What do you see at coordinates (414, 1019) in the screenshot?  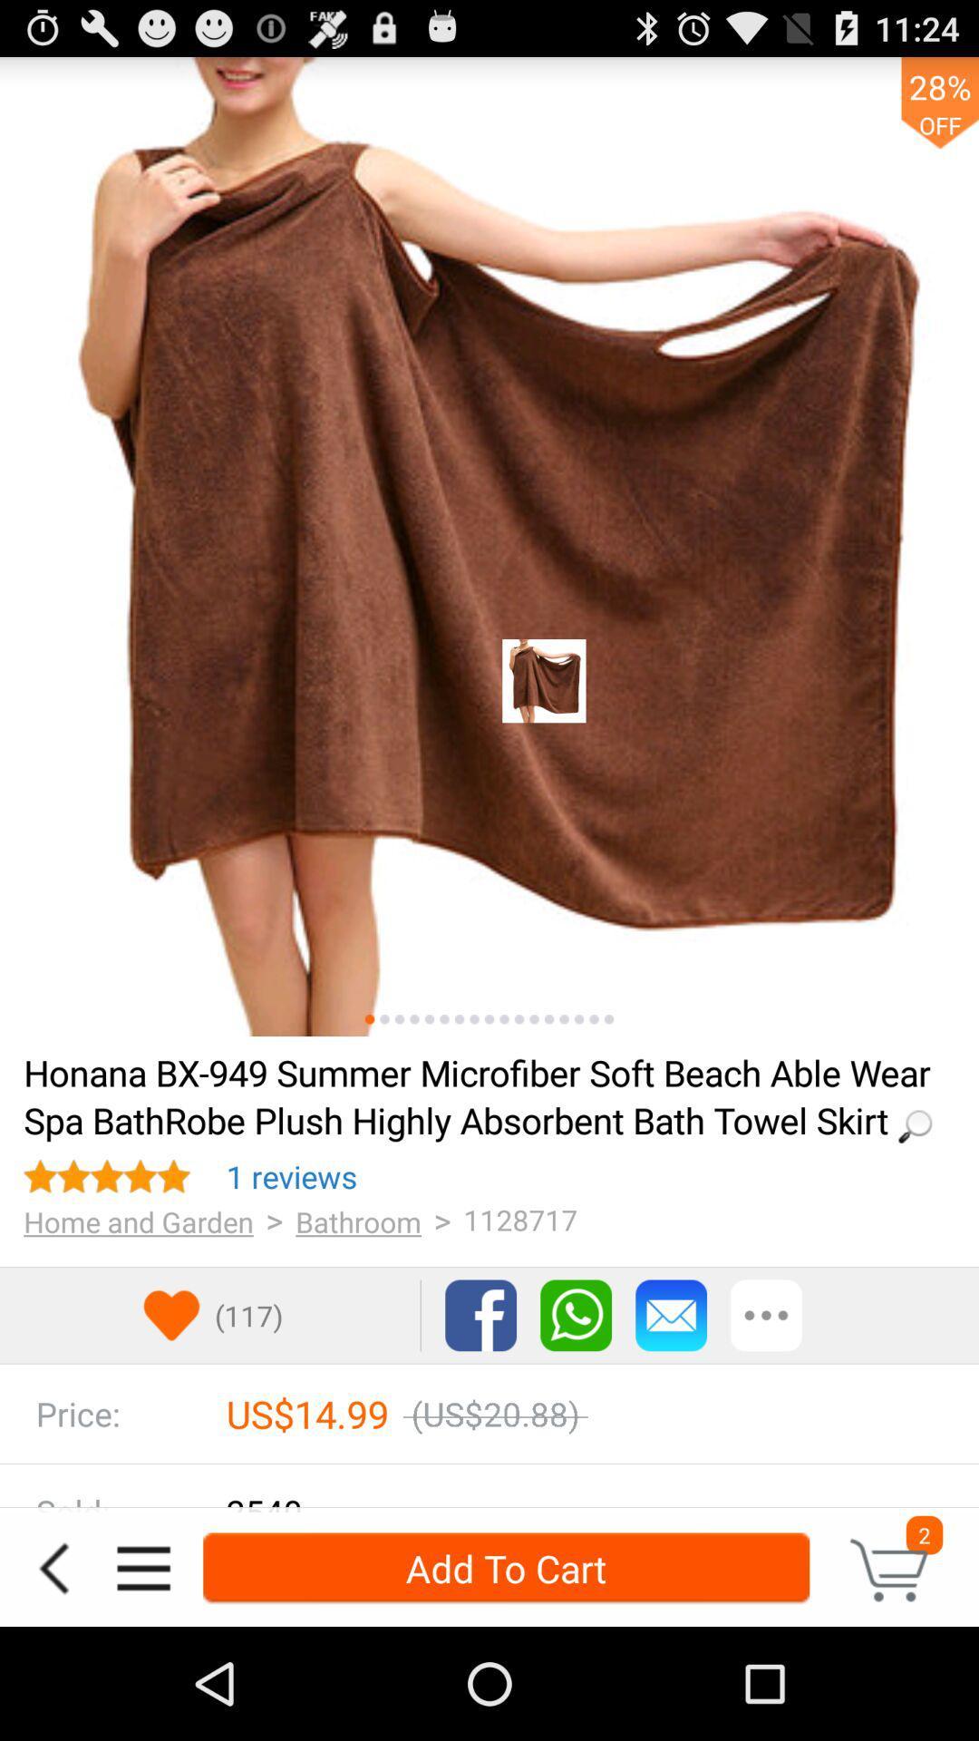 I see `image option` at bounding box center [414, 1019].